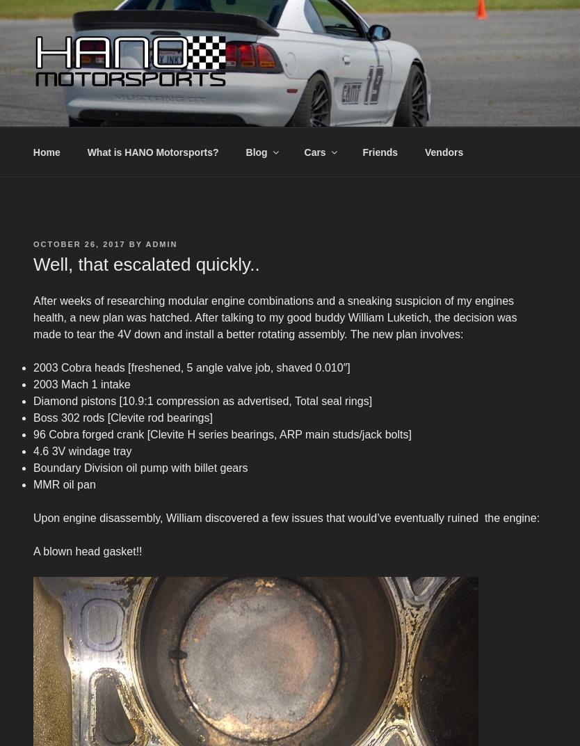  I want to click on 'Cars', so click(304, 152).